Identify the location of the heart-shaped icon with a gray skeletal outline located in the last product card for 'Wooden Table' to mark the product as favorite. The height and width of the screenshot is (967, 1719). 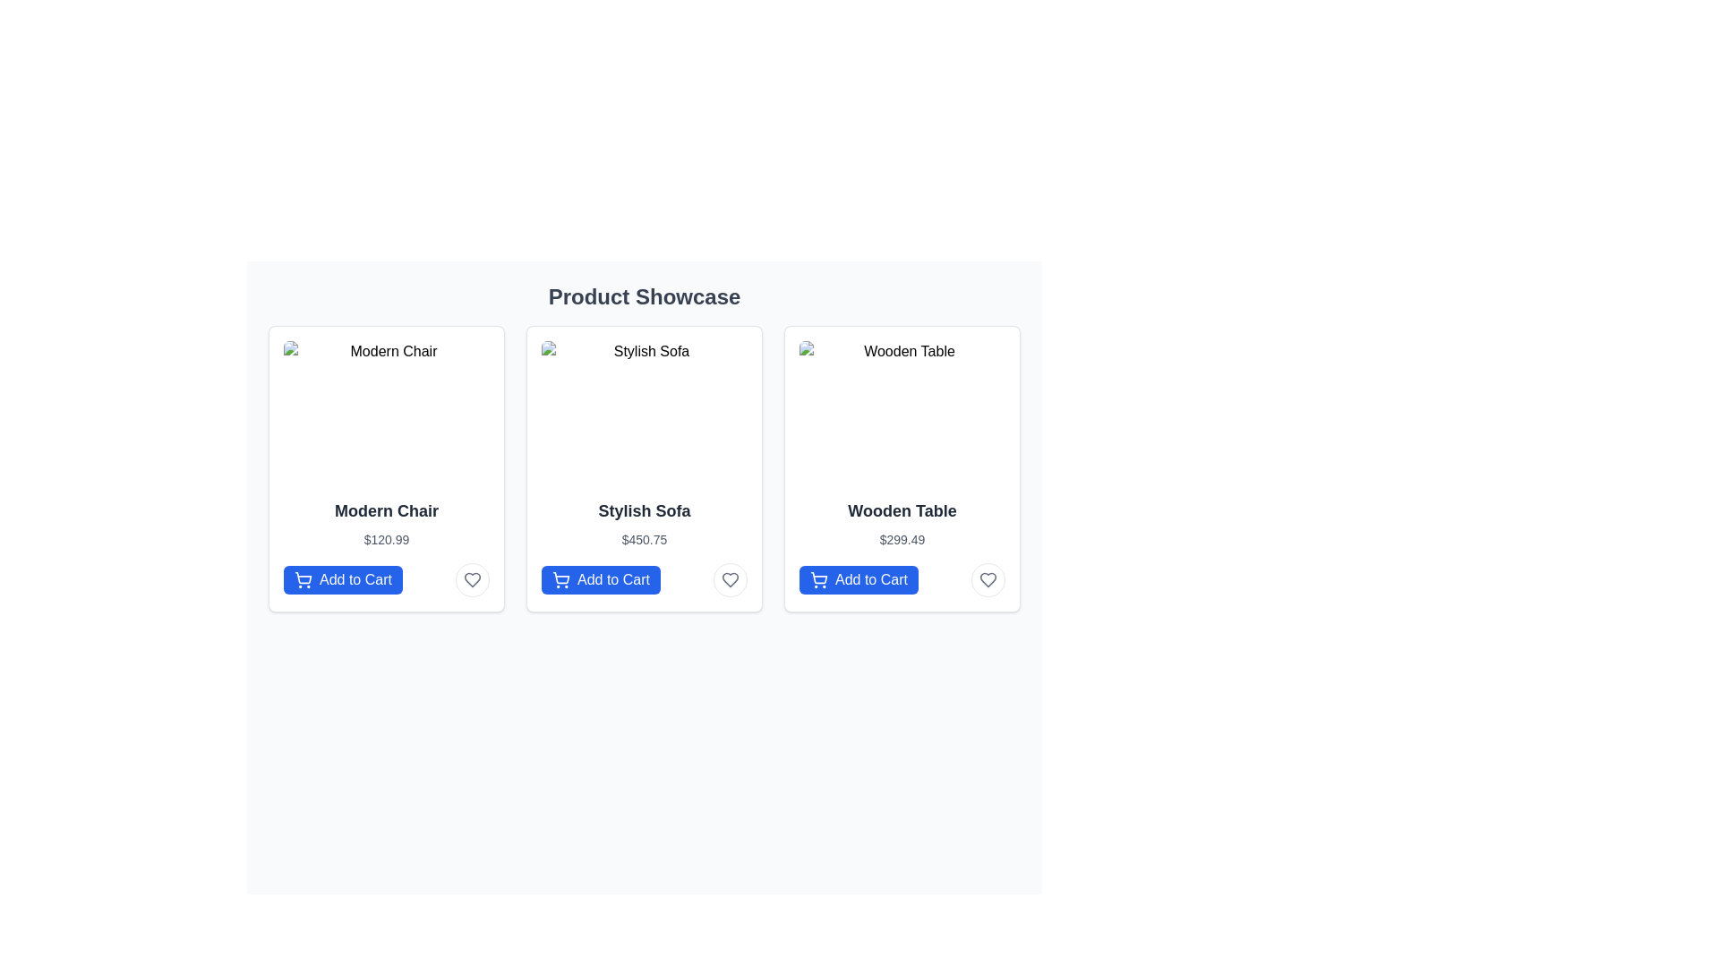
(988, 580).